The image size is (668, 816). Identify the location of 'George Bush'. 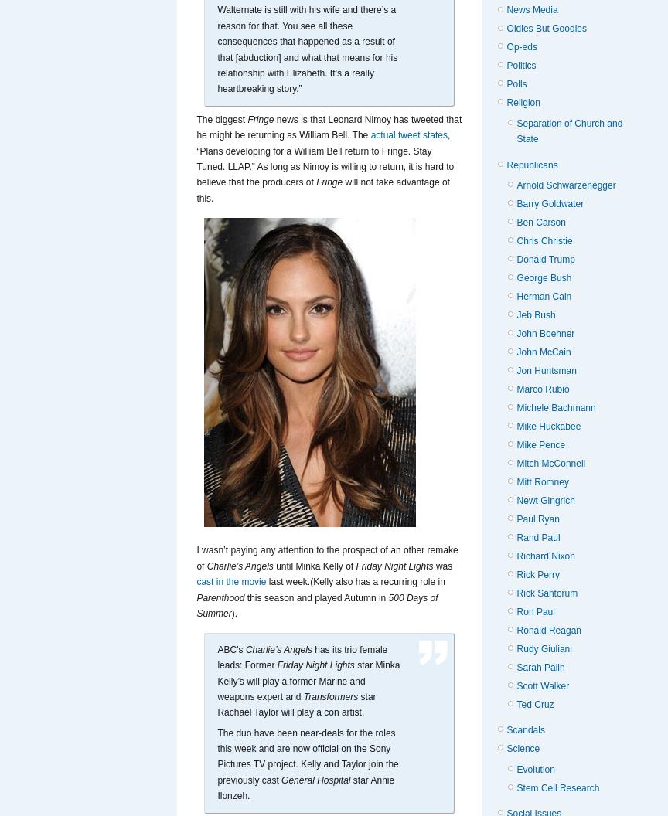
(544, 277).